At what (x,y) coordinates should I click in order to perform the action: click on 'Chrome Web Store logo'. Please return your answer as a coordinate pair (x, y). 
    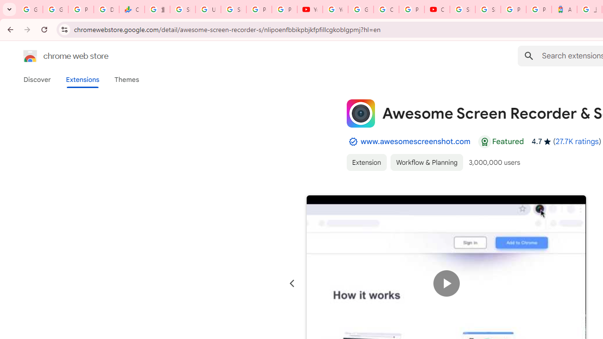
    Looking at the image, I should click on (30, 56).